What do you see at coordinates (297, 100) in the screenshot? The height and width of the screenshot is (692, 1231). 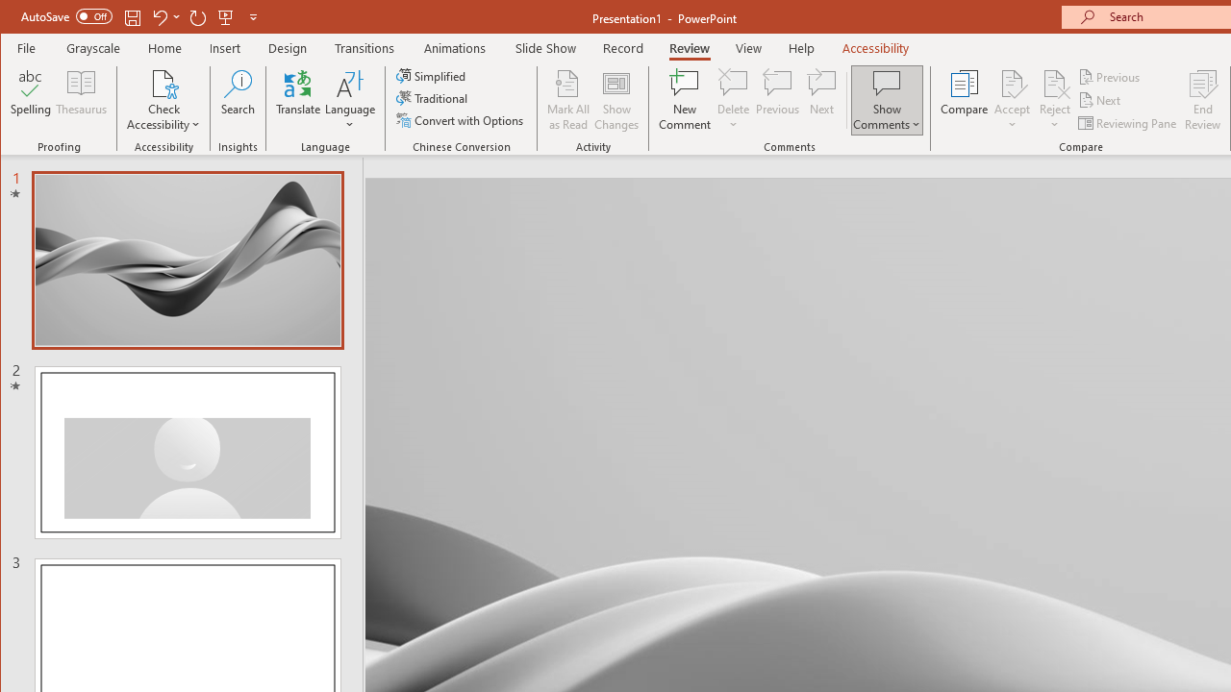 I see `'Translate'` at bounding box center [297, 100].